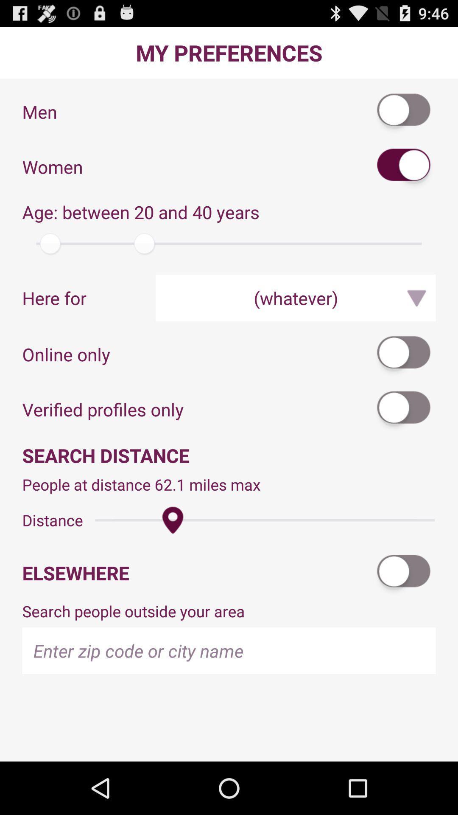  Describe the element at coordinates (229, 650) in the screenshot. I see `zip code or city name information` at that location.